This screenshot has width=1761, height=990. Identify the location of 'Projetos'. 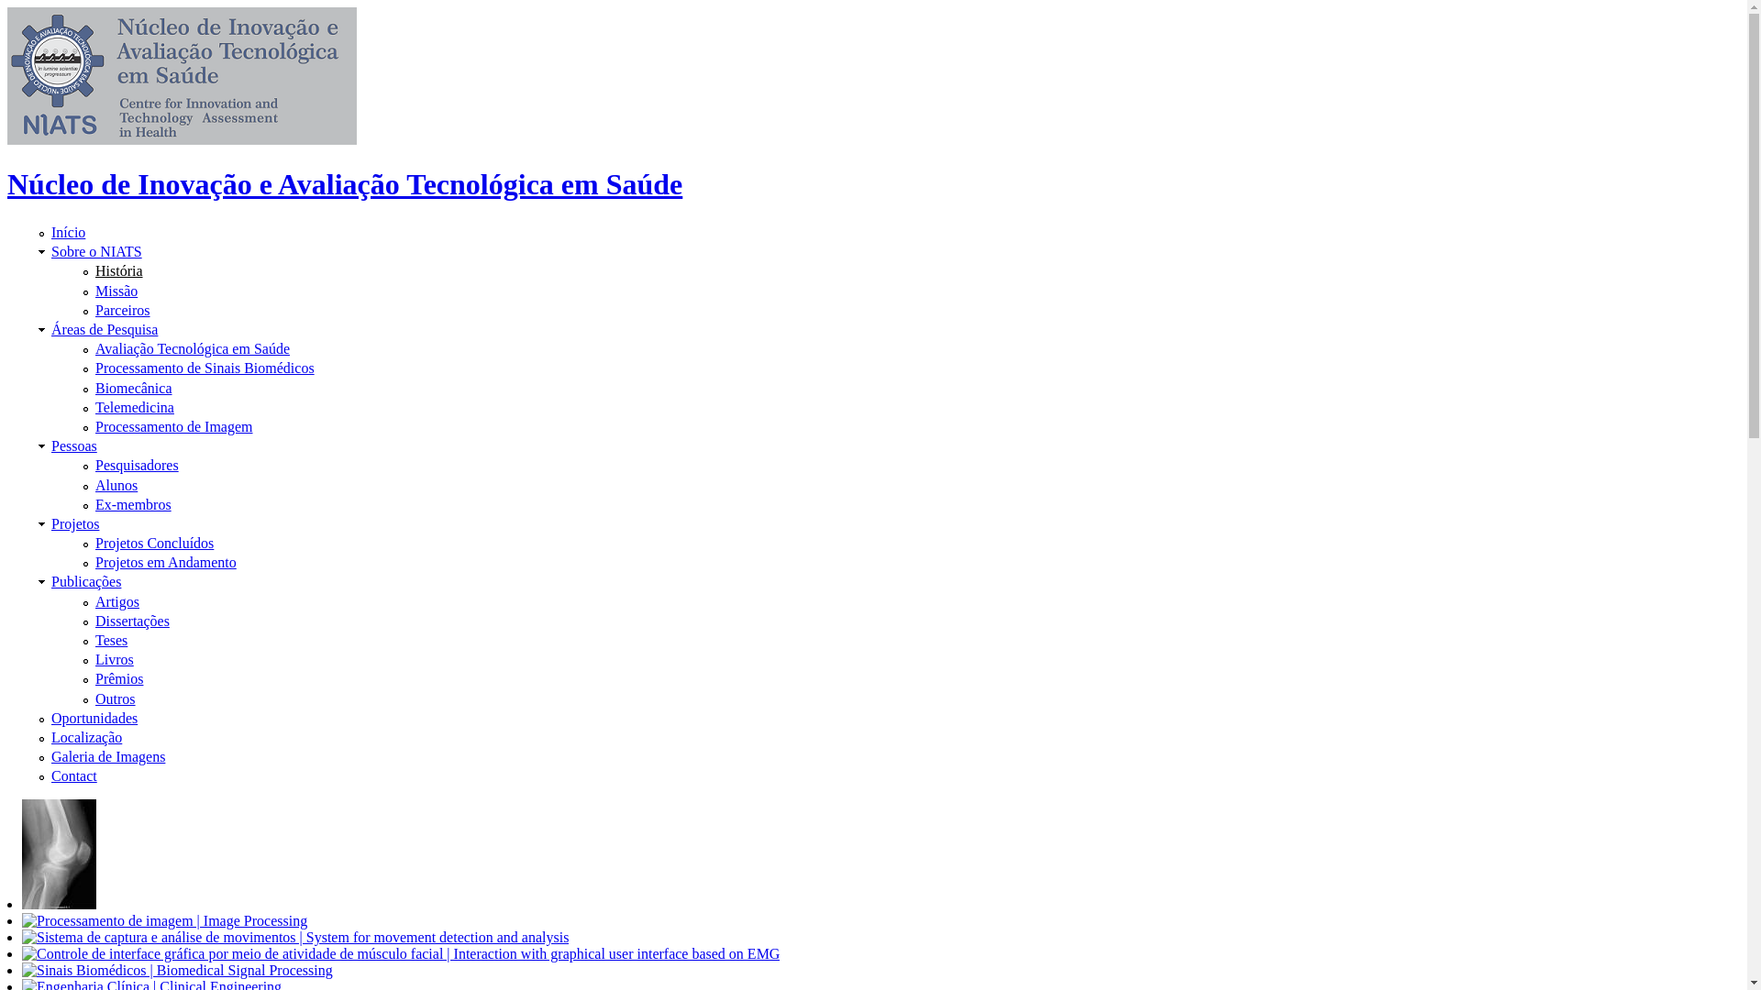
(73, 523).